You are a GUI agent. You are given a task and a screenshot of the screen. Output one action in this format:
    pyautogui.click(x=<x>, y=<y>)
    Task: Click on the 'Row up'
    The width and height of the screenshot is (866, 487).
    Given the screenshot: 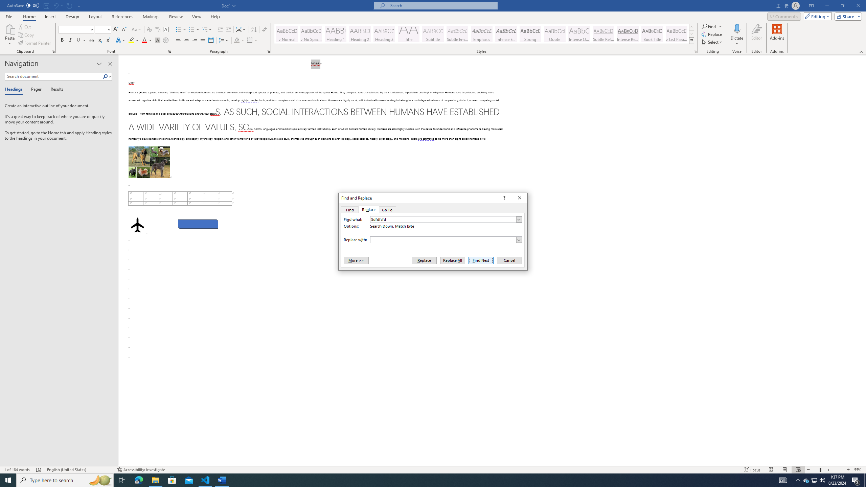 What is the action you would take?
    pyautogui.click(x=692, y=27)
    